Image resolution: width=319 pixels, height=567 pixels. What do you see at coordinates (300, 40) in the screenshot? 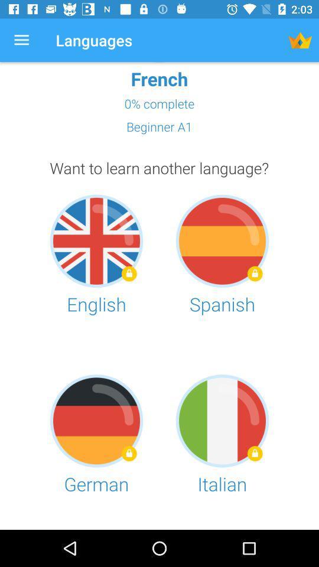
I see `icon at the top right corner` at bounding box center [300, 40].